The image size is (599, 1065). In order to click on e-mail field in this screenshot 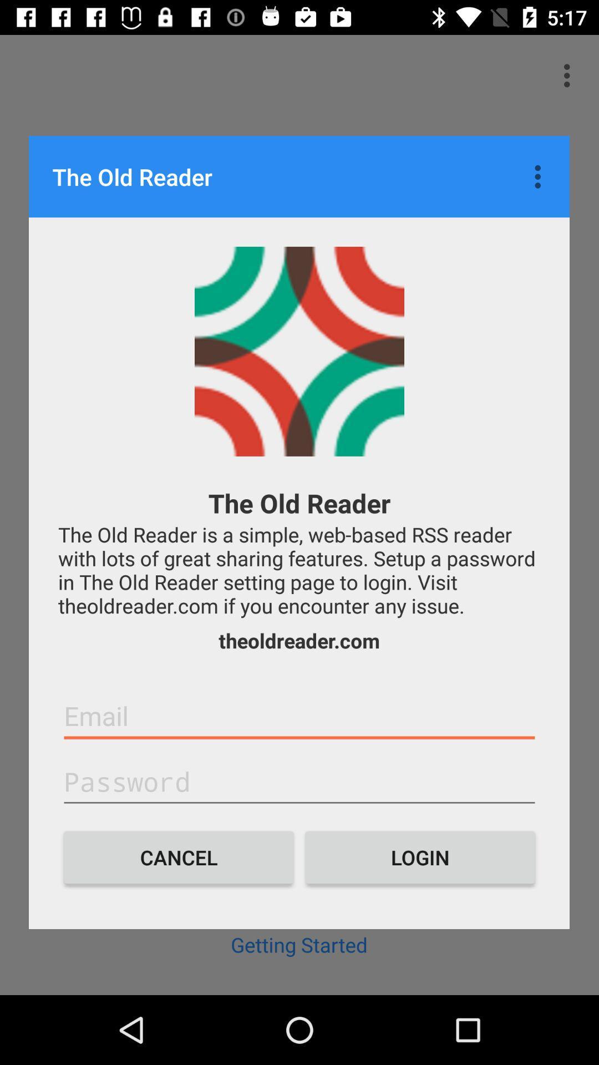, I will do `click(299, 716)`.